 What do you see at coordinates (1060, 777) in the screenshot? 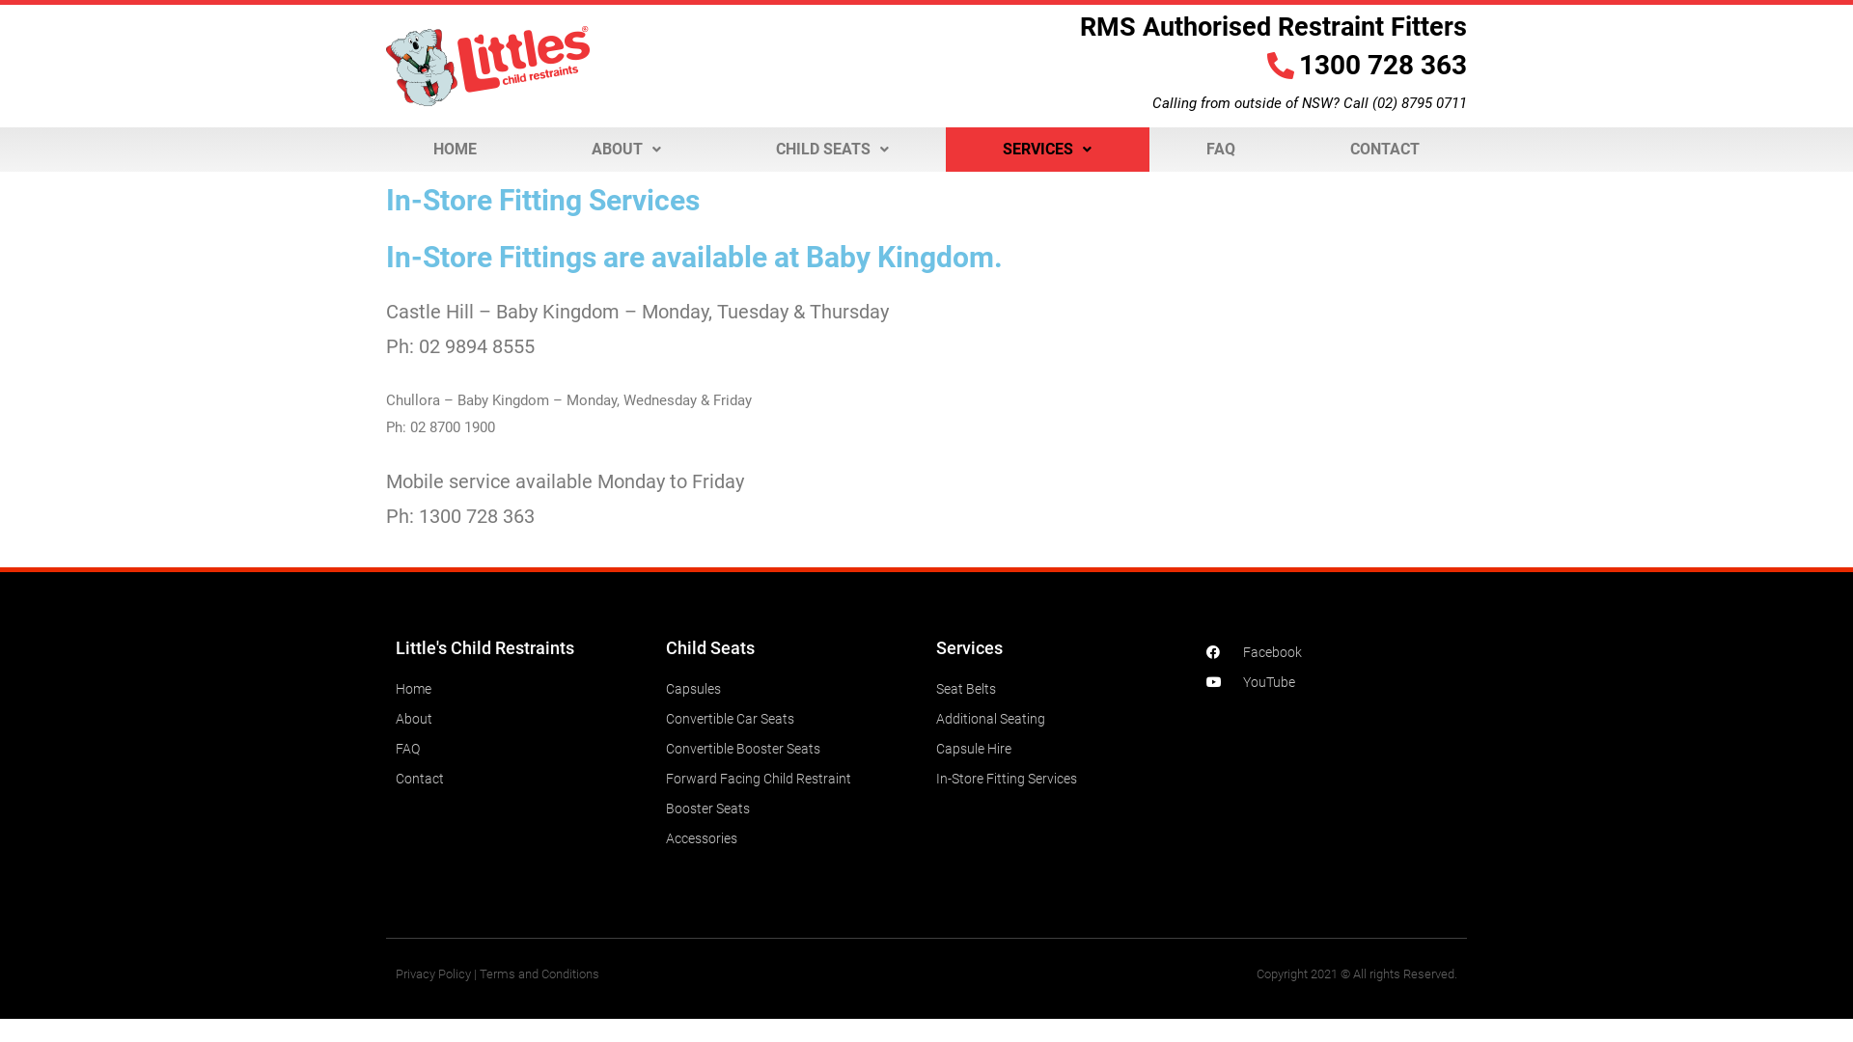
I see `'In-Store Fitting Services'` at bounding box center [1060, 777].